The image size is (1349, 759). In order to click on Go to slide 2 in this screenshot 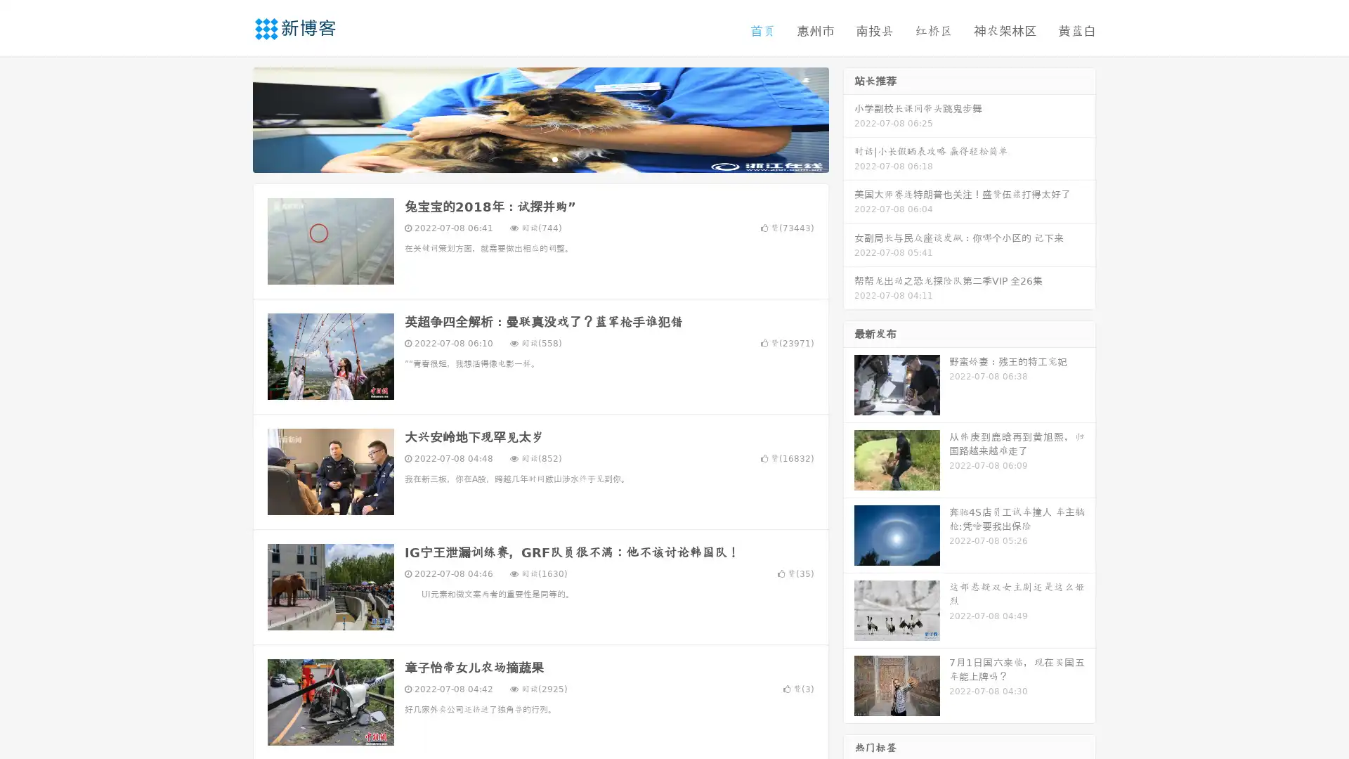, I will do `click(540, 158)`.